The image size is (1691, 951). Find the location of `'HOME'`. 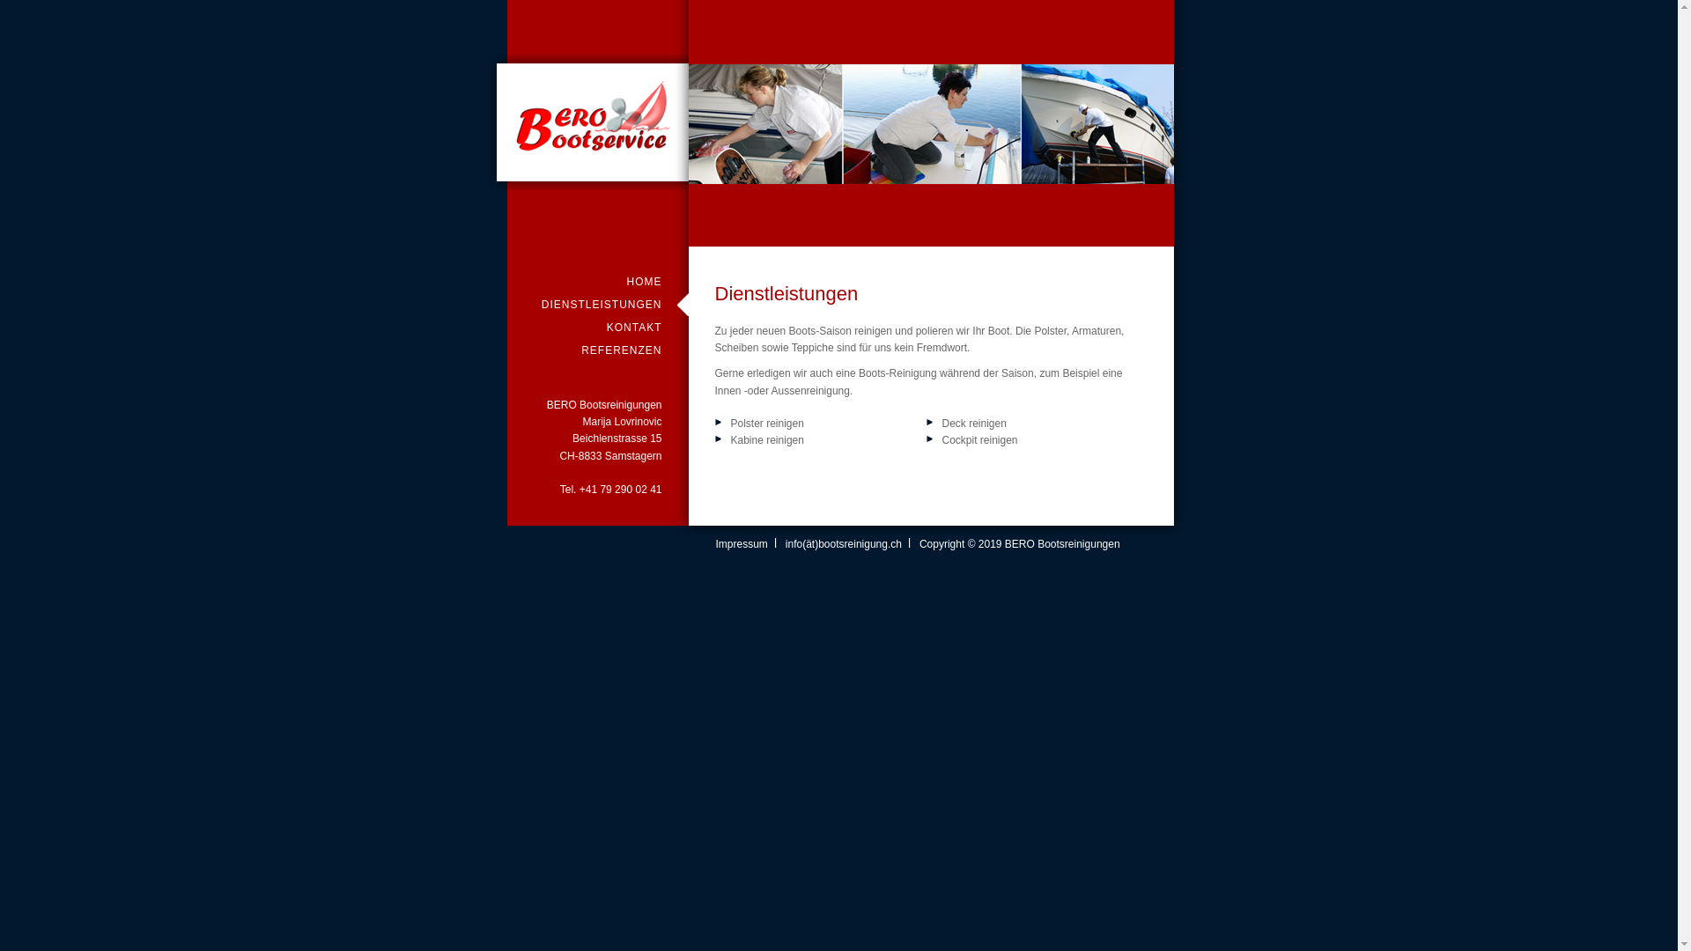

'HOME' is located at coordinates (506, 281).